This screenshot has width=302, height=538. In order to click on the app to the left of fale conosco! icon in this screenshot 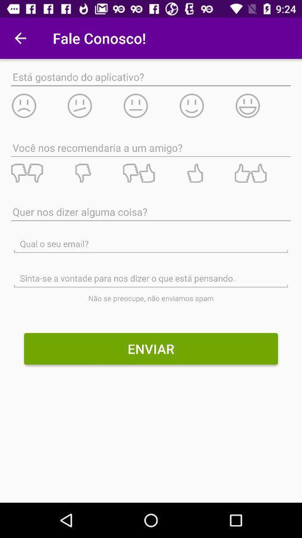, I will do `click(20, 38)`.